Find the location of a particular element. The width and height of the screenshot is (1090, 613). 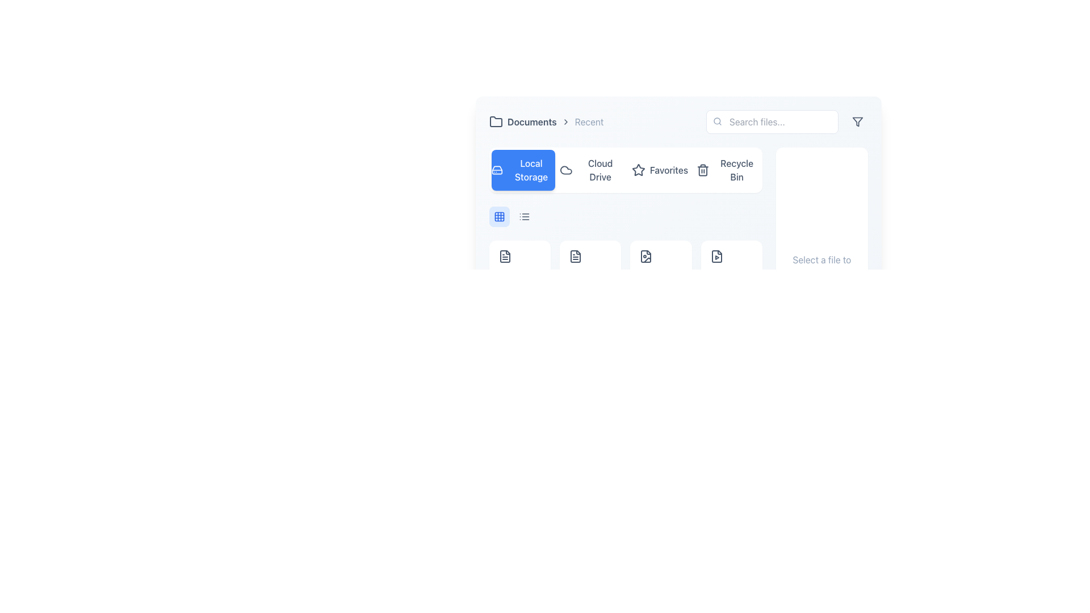

the cloud icon within the 'Cloud Drive' button in the navigation bar is located at coordinates (566, 170).